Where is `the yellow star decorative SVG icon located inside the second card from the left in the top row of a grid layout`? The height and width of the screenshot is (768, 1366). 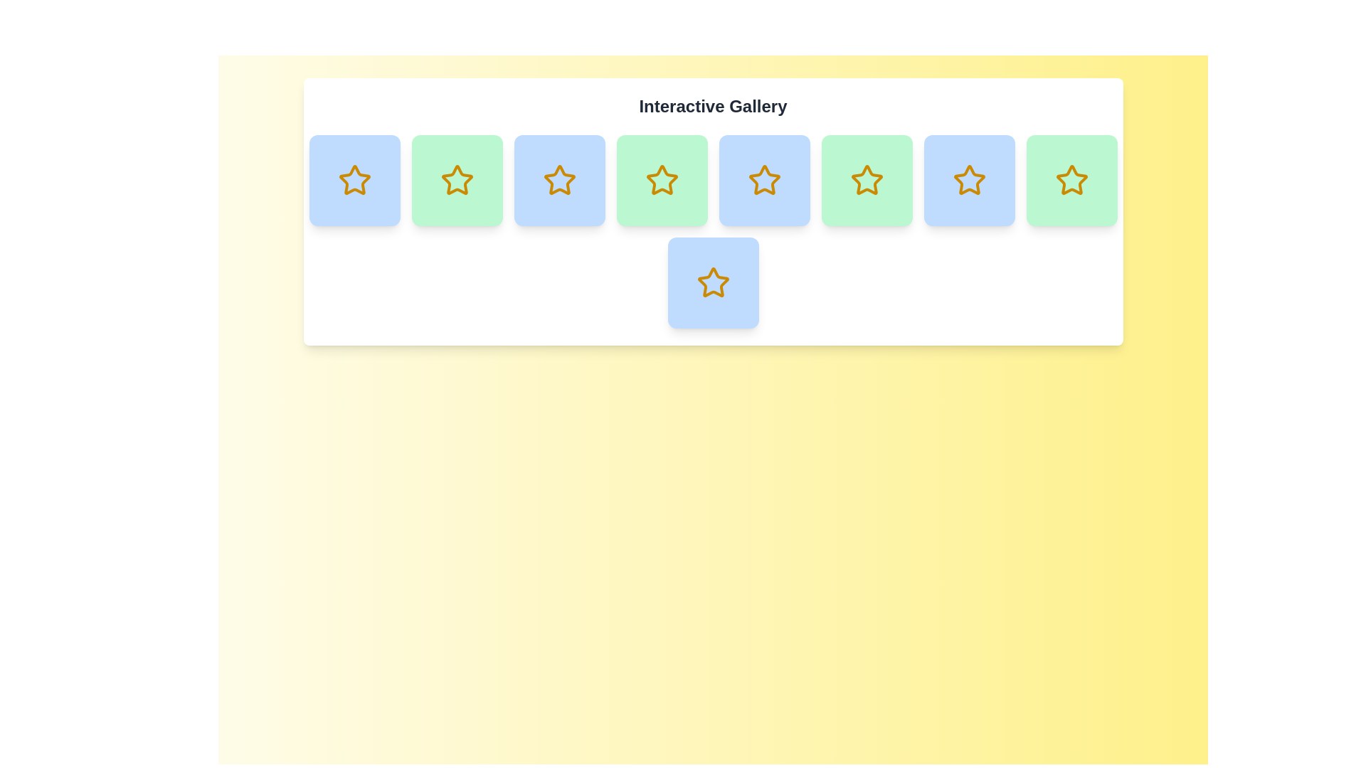 the yellow star decorative SVG icon located inside the second card from the left in the top row of a grid layout is located at coordinates (354, 179).